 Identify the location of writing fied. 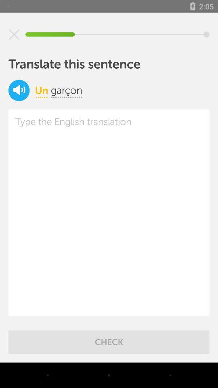
(109, 212).